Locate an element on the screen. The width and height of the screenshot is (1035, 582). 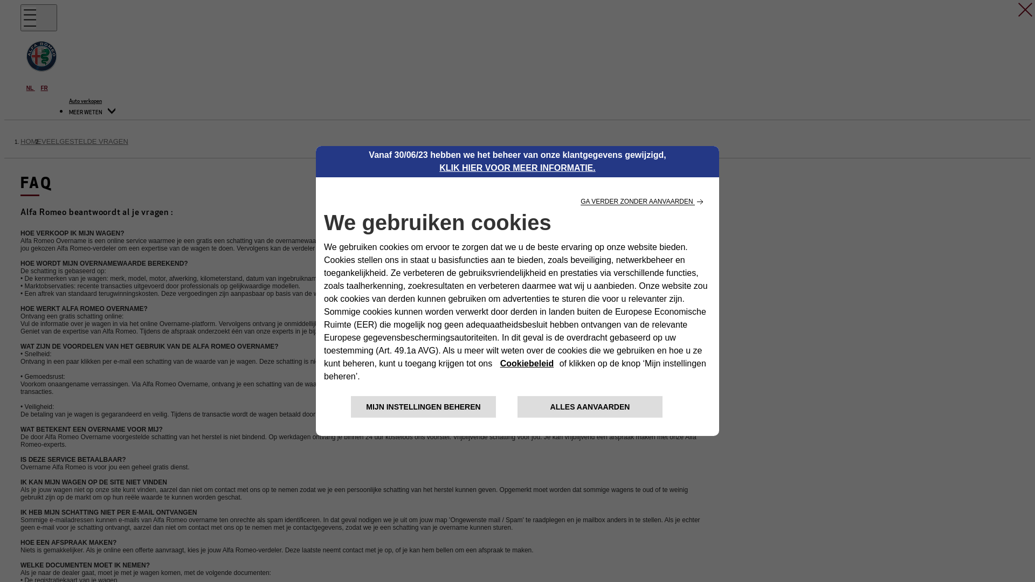
'MEER WETEN' is located at coordinates (92, 113).